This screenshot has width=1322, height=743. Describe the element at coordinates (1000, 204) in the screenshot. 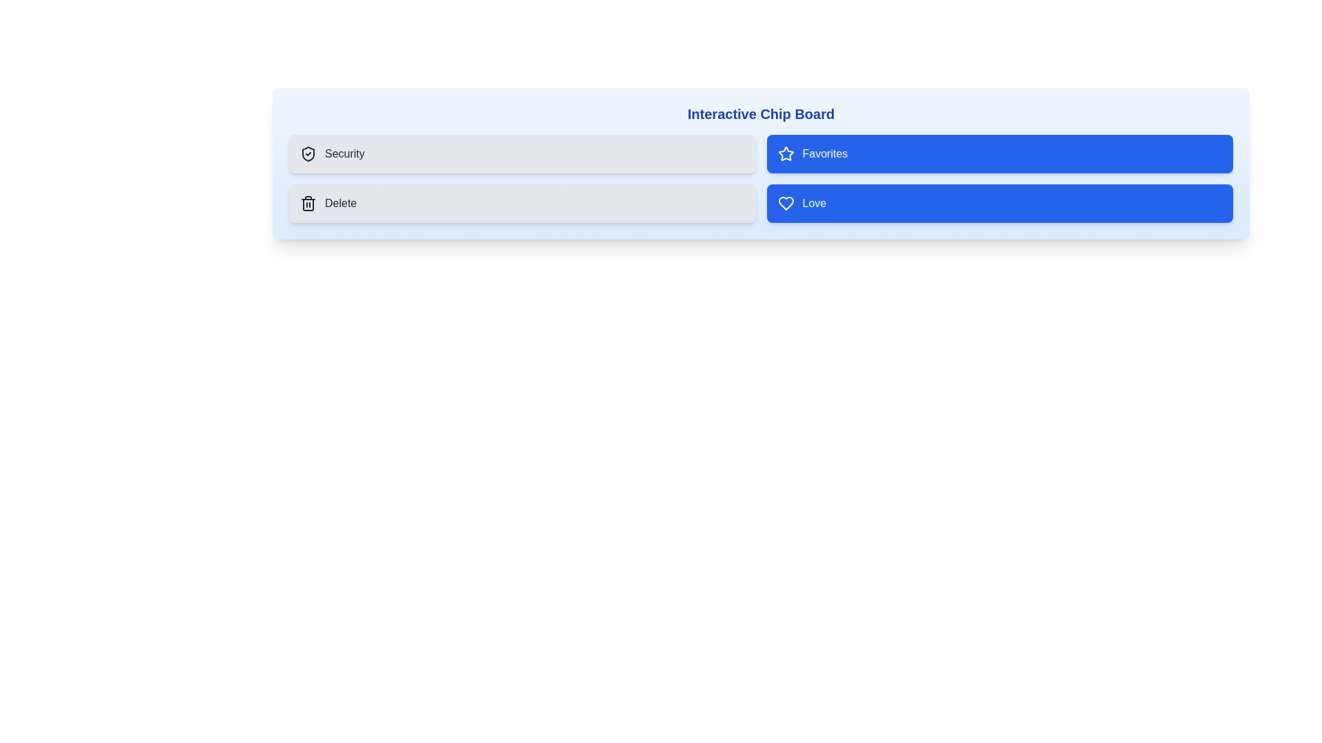

I see `the chip labeled Love to toggle its active state` at that location.